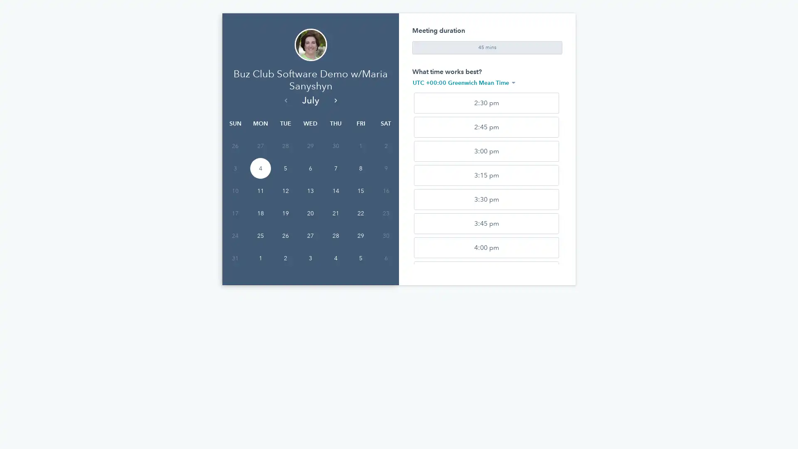  I want to click on July 15th, so click(361, 222).